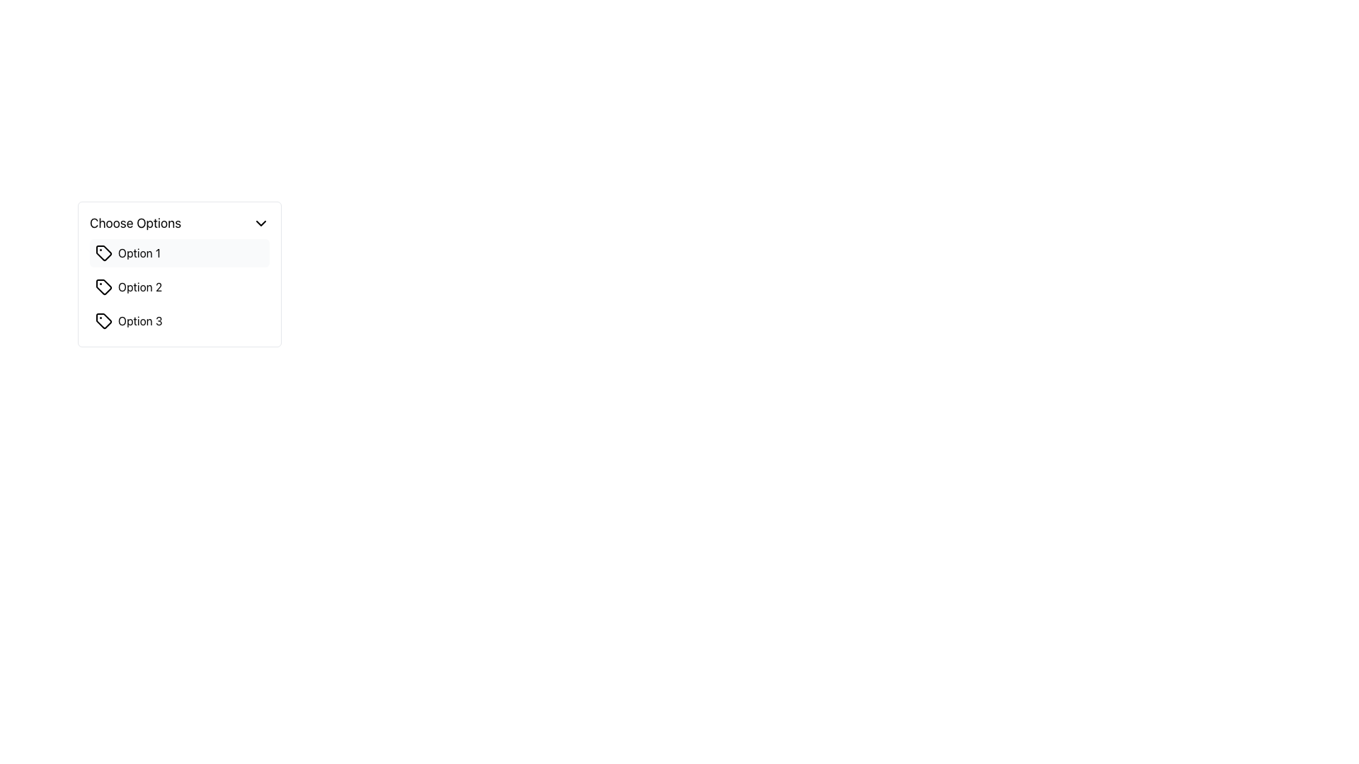 This screenshot has height=764, width=1359. Describe the element at coordinates (261, 223) in the screenshot. I see `the downward arrow icon located at the top-right corner of the 'Choose Options' section` at that location.